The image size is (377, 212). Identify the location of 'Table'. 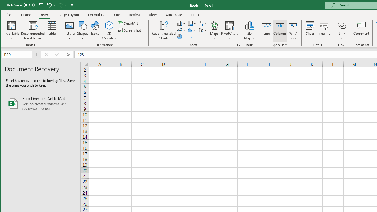
(52, 31).